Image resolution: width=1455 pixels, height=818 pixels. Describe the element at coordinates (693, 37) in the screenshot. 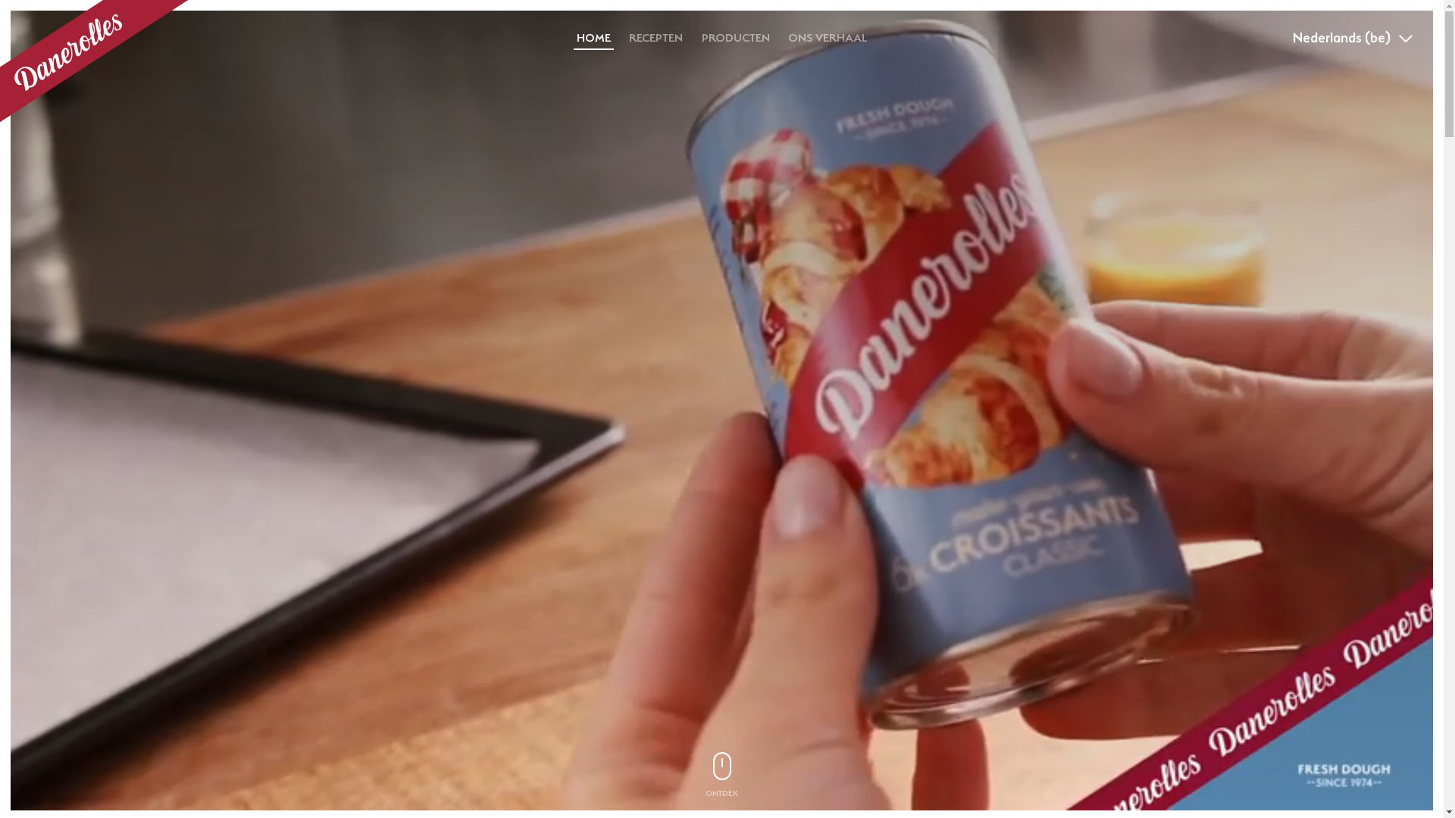

I see `'PRODUCTEN'` at that location.